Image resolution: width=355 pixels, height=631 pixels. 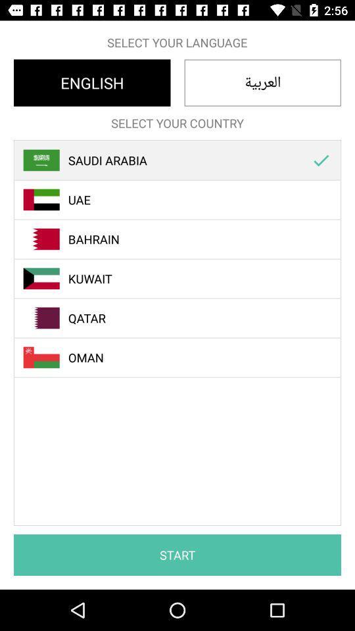 I want to click on the icon below select your language icon, so click(x=91, y=82).